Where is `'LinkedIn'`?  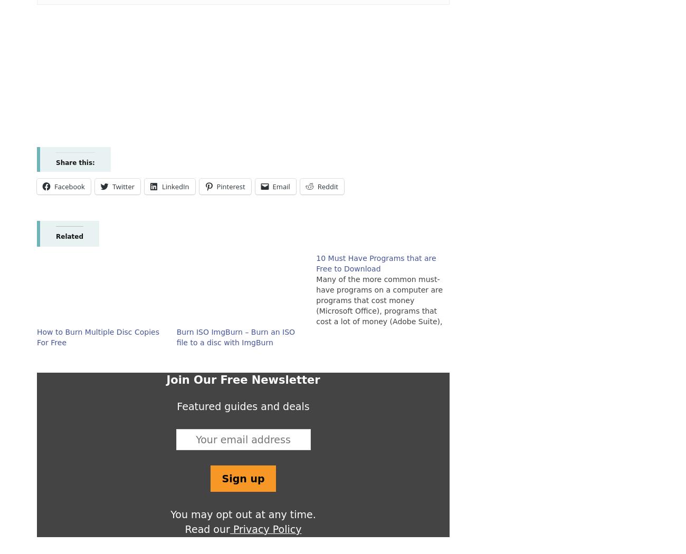
'LinkedIn' is located at coordinates (175, 186).